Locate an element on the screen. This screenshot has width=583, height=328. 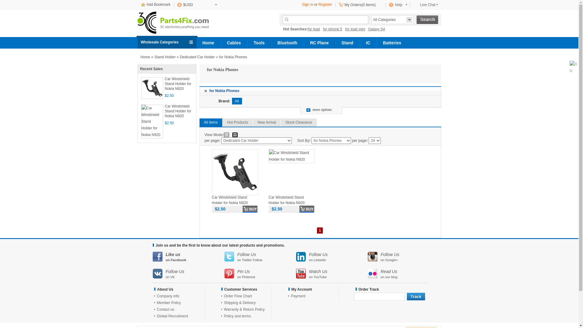
'Company info' is located at coordinates (156, 296).